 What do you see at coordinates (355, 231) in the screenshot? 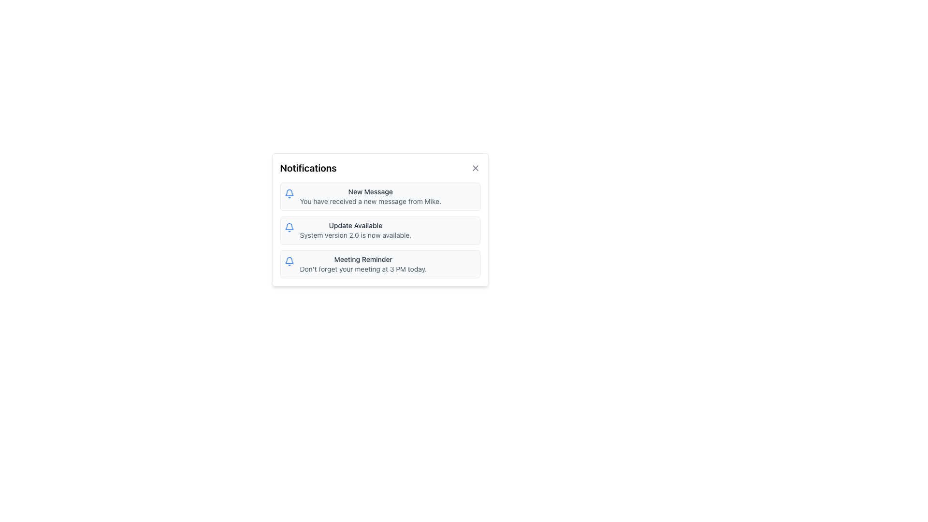
I see `notification content displayed in the text block that states 'Update Available' and 'System version 2.0 is now available.'` at bounding box center [355, 231].